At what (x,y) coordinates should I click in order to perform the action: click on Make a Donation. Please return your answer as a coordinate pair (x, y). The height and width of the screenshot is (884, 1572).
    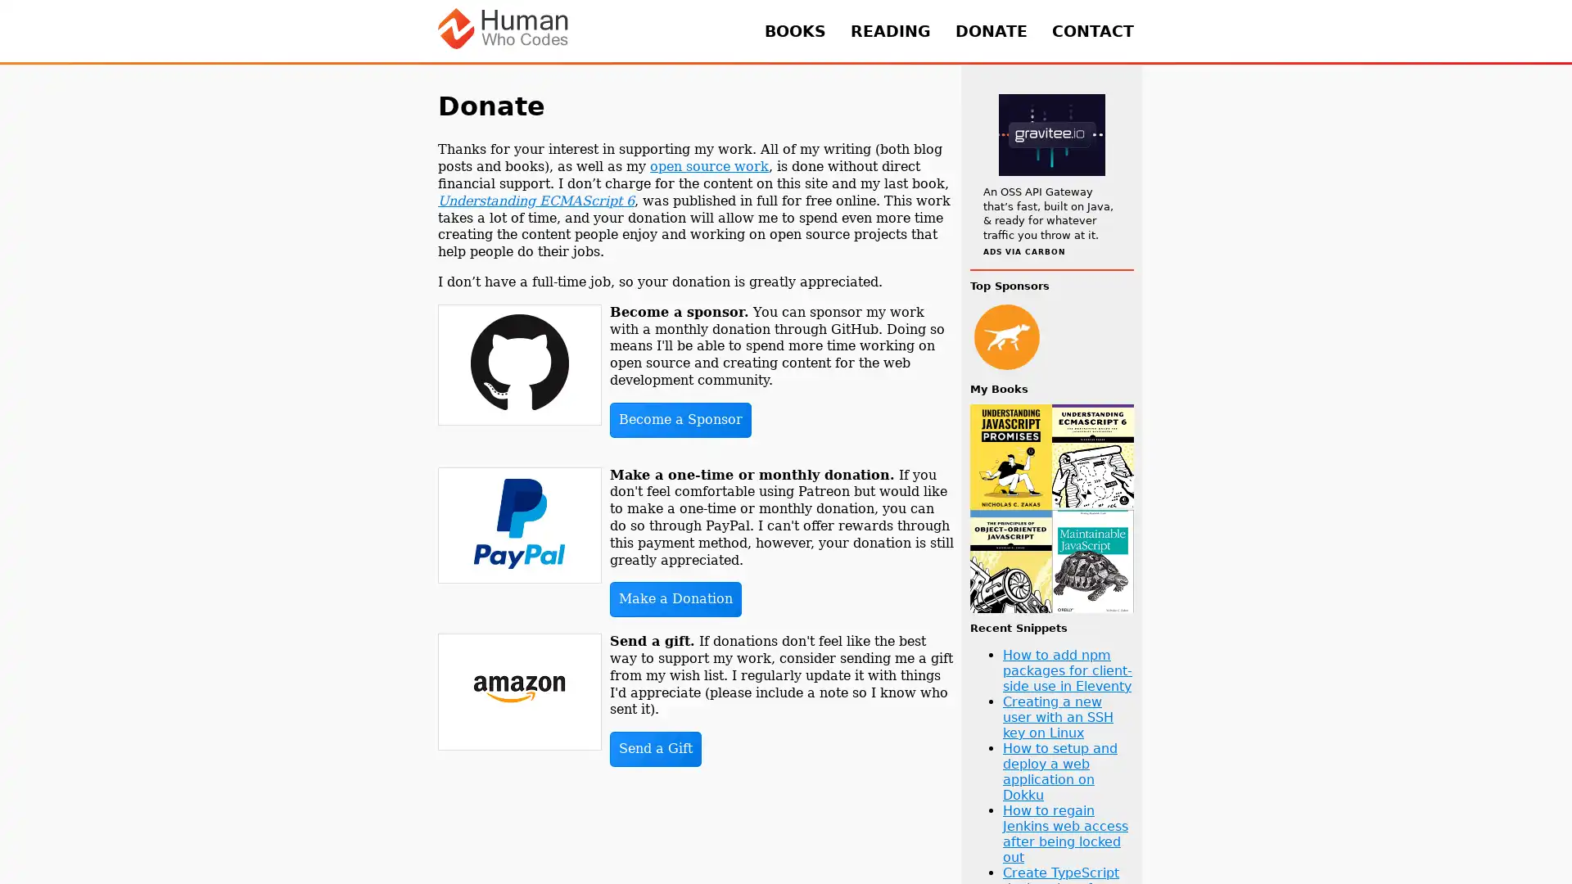
    Looking at the image, I should click on (675, 599).